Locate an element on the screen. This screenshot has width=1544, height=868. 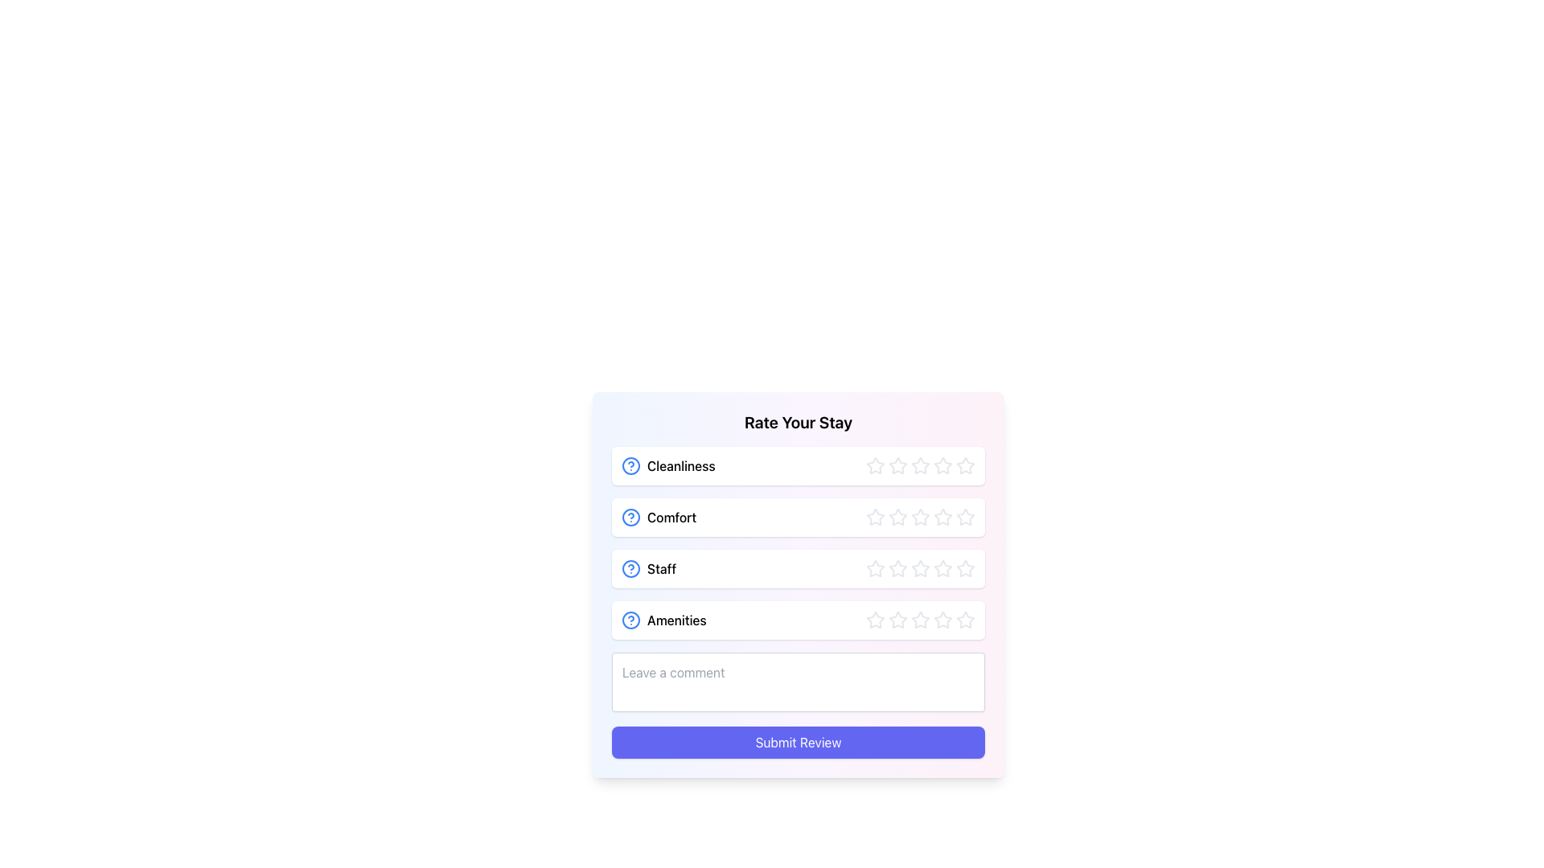
the SVG Circle icon component located next to the 'Cleanliness' label in the interface is located at coordinates (630, 465).